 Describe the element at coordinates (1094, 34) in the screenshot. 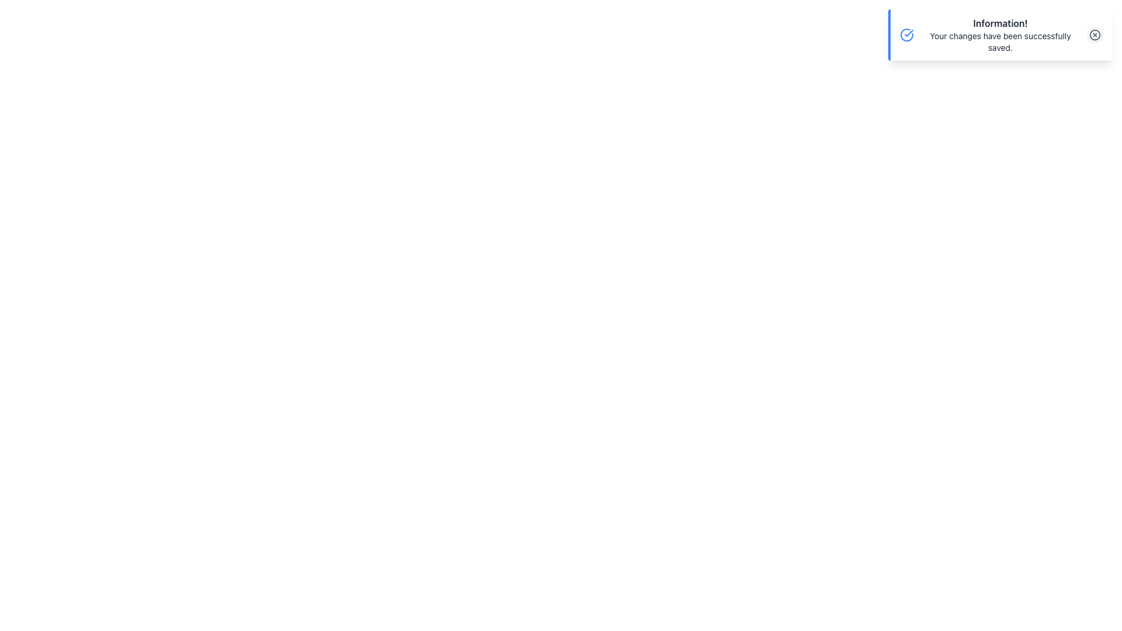

I see `the close button located at the top-right corner of the notification box` at that location.